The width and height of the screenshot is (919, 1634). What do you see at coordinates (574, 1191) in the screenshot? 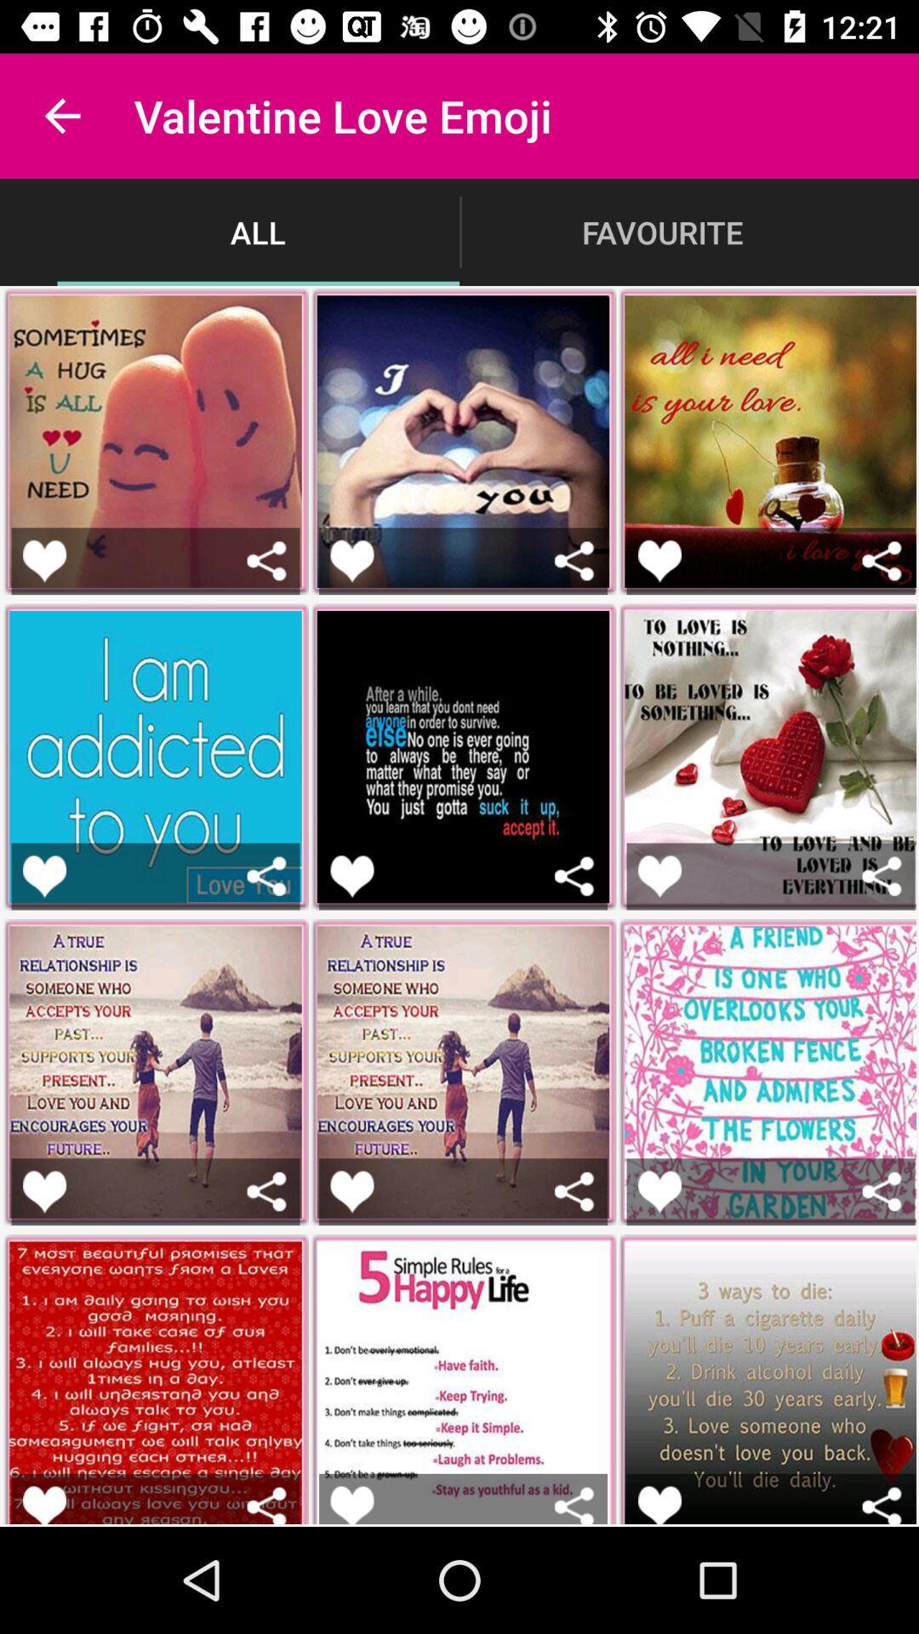
I see `share the image` at bounding box center [574, 1191].